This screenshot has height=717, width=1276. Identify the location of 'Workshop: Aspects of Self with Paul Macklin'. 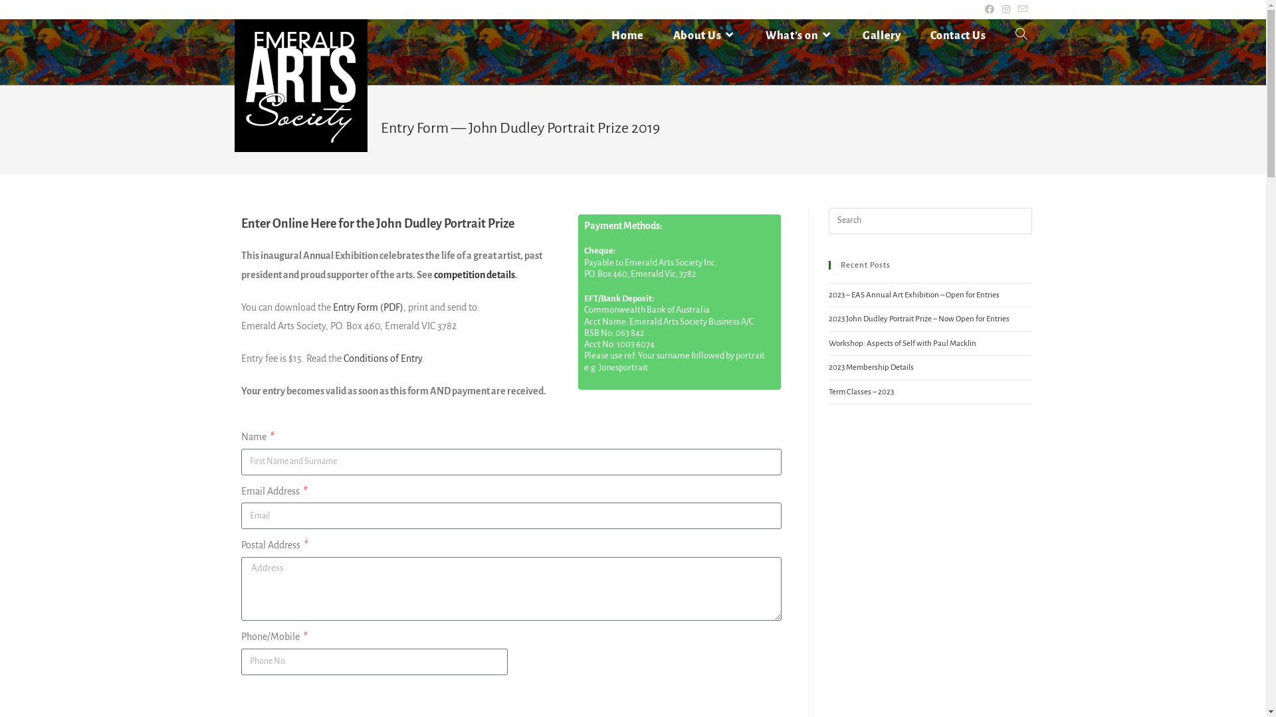
(902, 343).